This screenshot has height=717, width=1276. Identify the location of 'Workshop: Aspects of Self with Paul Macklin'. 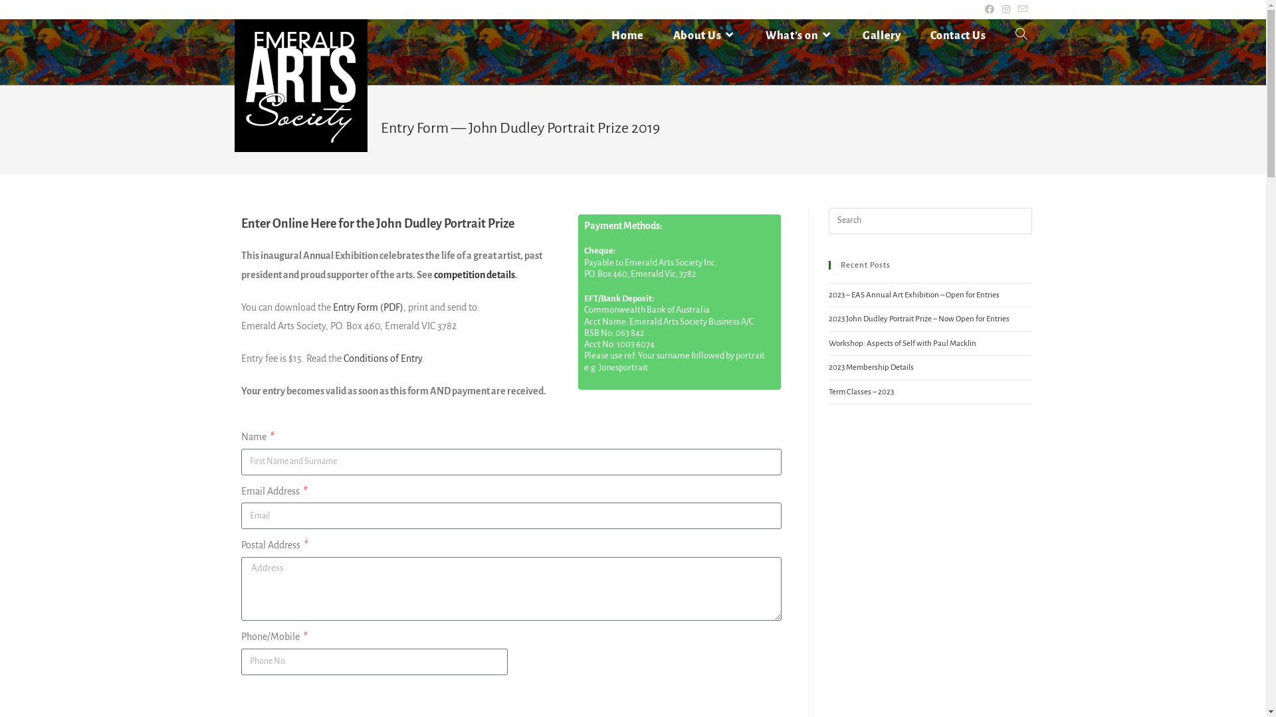
(902, 343).